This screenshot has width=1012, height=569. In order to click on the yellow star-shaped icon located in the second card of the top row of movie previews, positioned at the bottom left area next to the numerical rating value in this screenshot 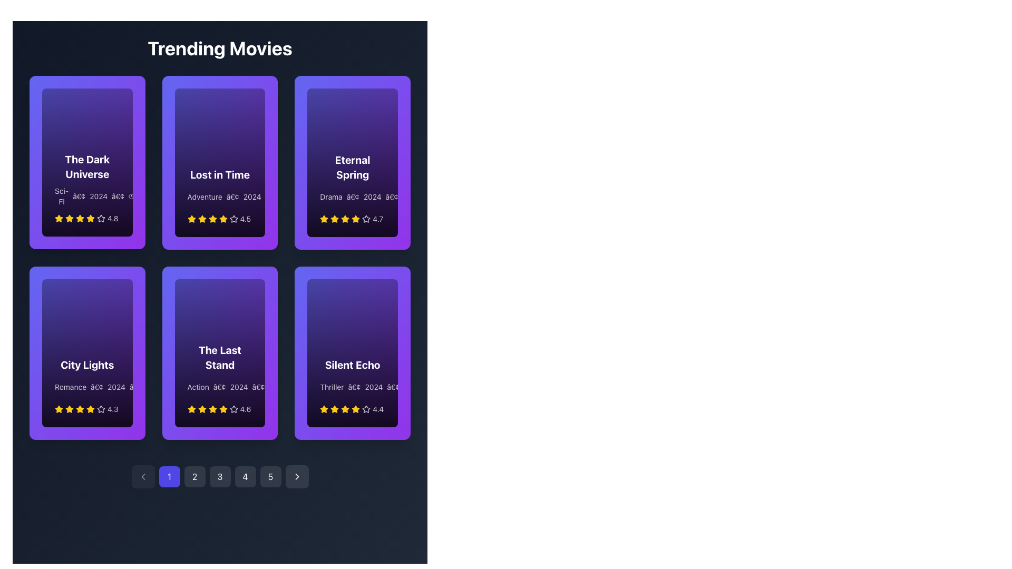, I will do `click(191, 218)`.